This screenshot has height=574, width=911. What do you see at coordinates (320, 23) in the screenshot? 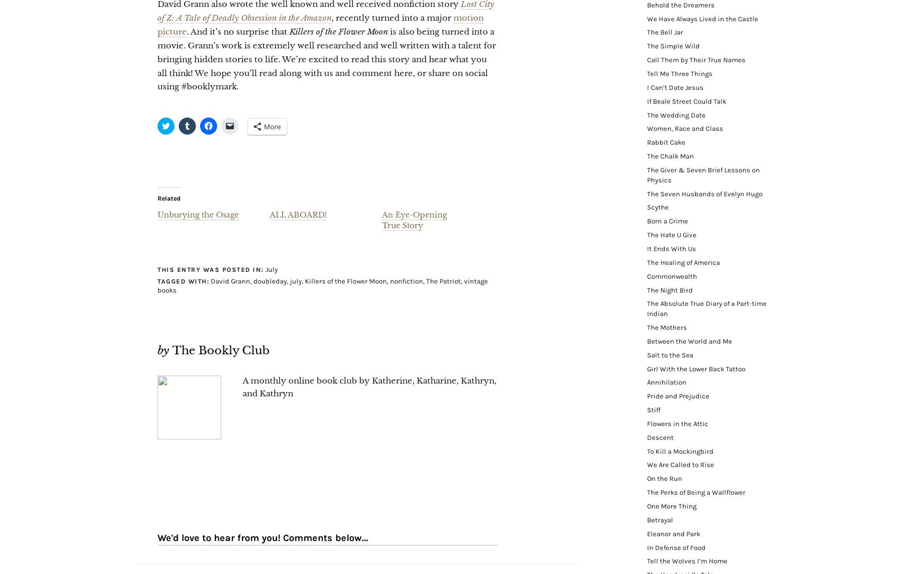
I see `'motion picture'` at bounding box center [320, 23].